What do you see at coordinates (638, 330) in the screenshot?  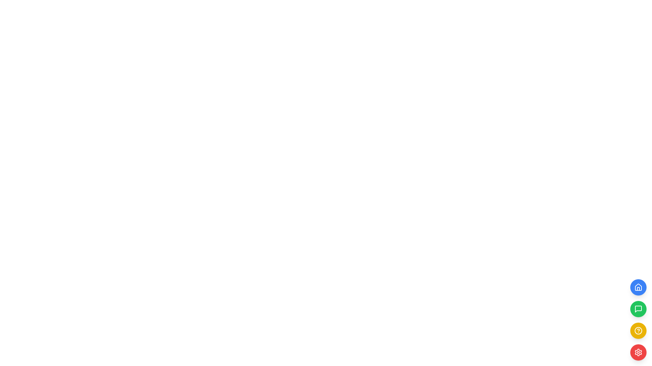 I see `the SVG circle element that serves as a help or informational icon, located on the vertical menu bar as the third icon from the top` at bounding box center [638, 330].